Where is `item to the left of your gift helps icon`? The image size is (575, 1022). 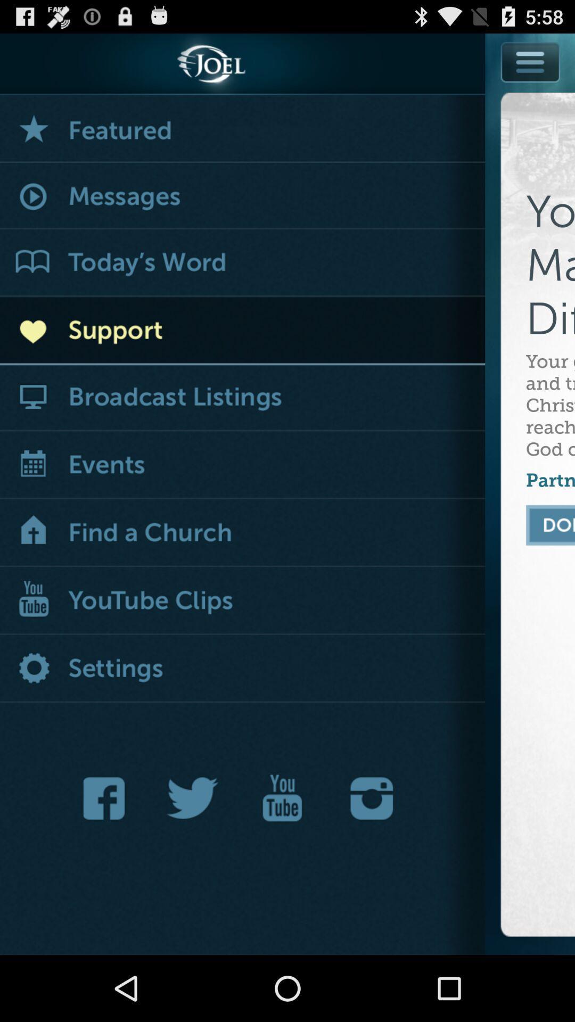
item to the left of your gift helps icon is located at coordinates (242, 466).